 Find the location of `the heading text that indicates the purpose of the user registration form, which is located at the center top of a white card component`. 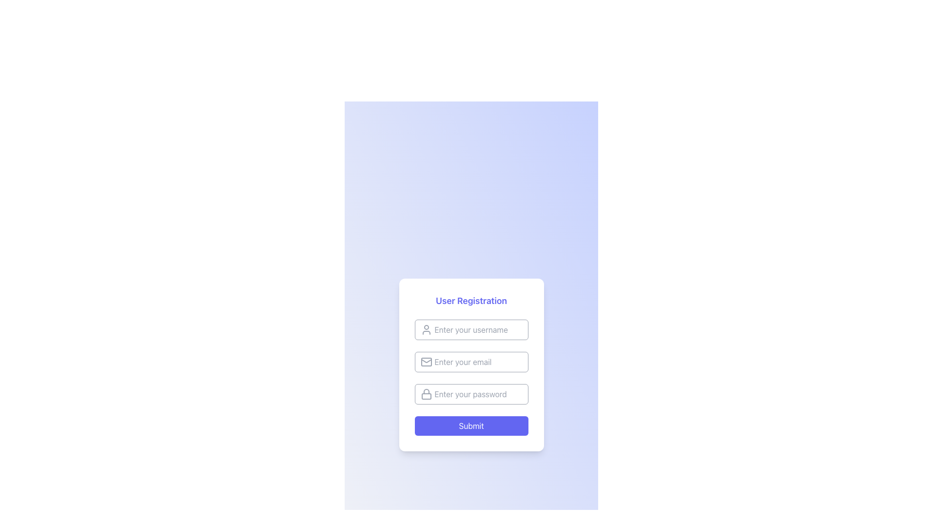

the heading text that indicates the purpose of the user registration form, which is located at the center top of a white card component is located at coordinates (471, 301).